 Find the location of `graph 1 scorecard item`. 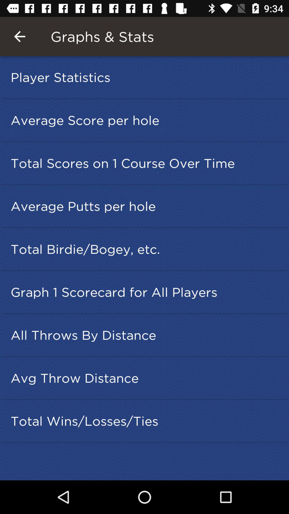

graph 1 scorecard item is located at coordinates (146, 292).